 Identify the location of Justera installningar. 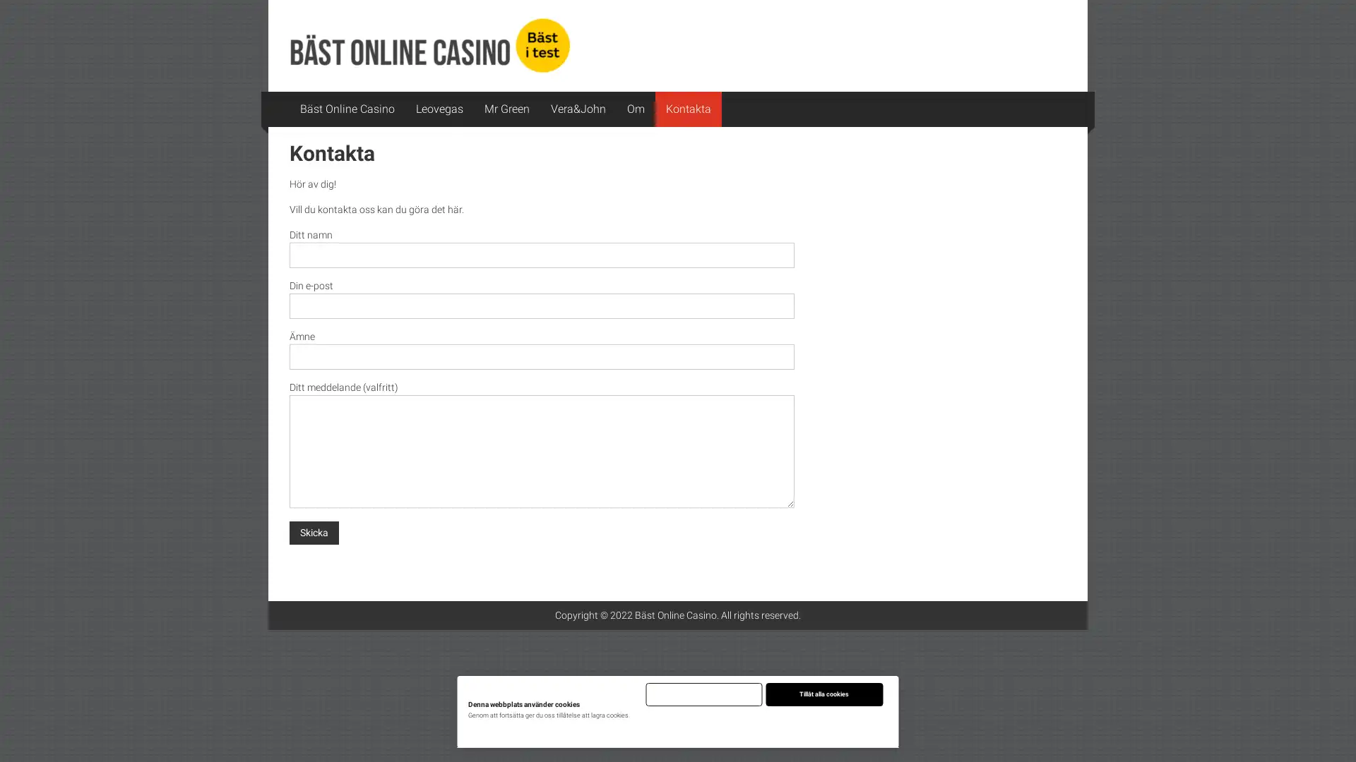
(763, 725).